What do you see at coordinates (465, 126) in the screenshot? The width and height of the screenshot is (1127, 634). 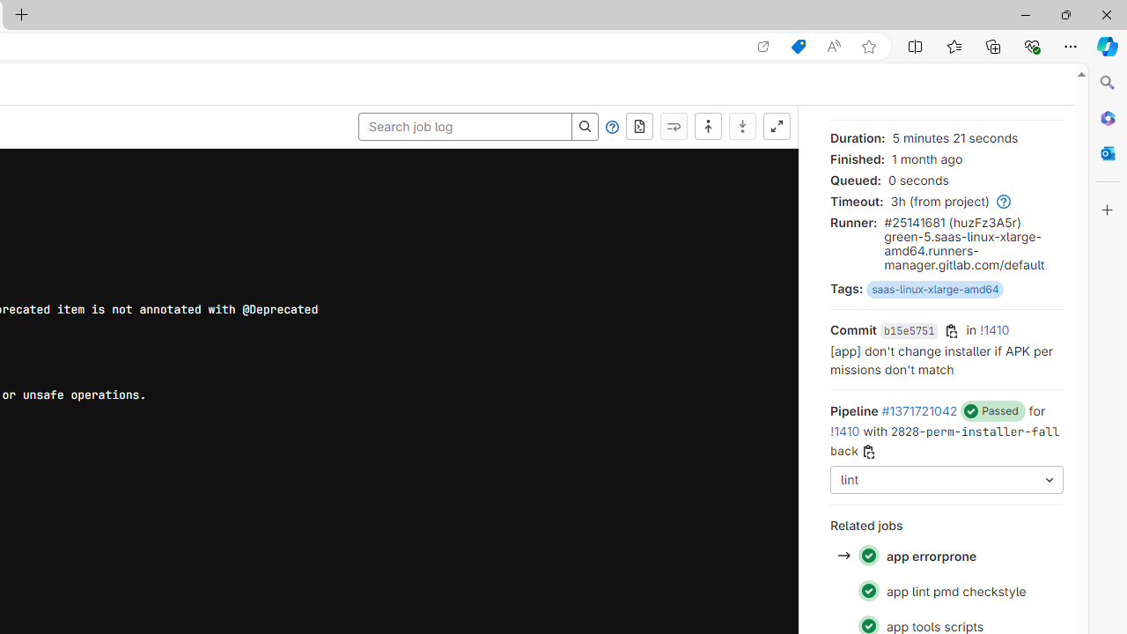 I see `'Search job log'` at bounding box center [465, 126].